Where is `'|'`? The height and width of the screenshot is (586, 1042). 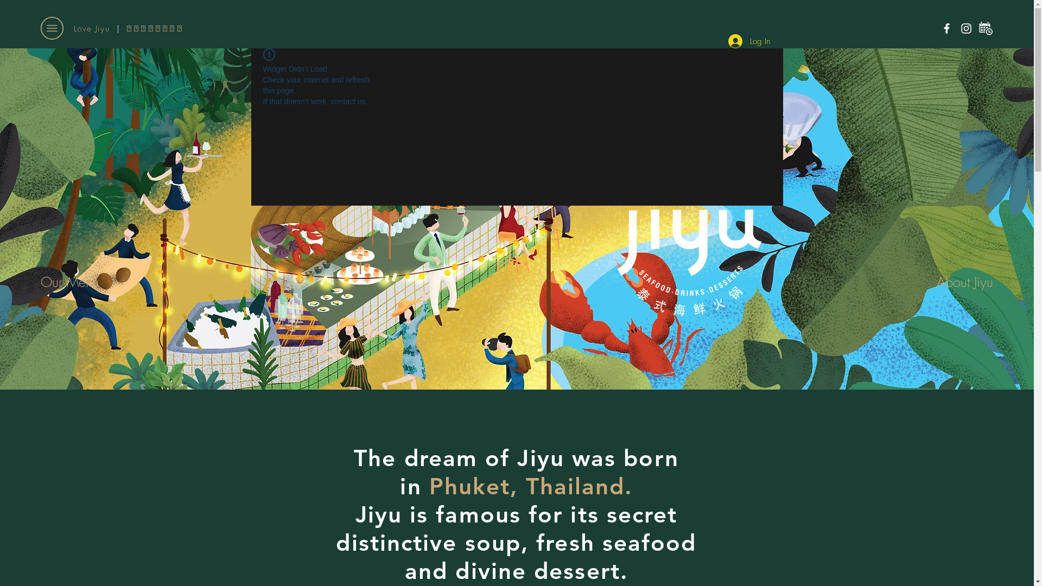
'|' is located at coordinates (117, 28).